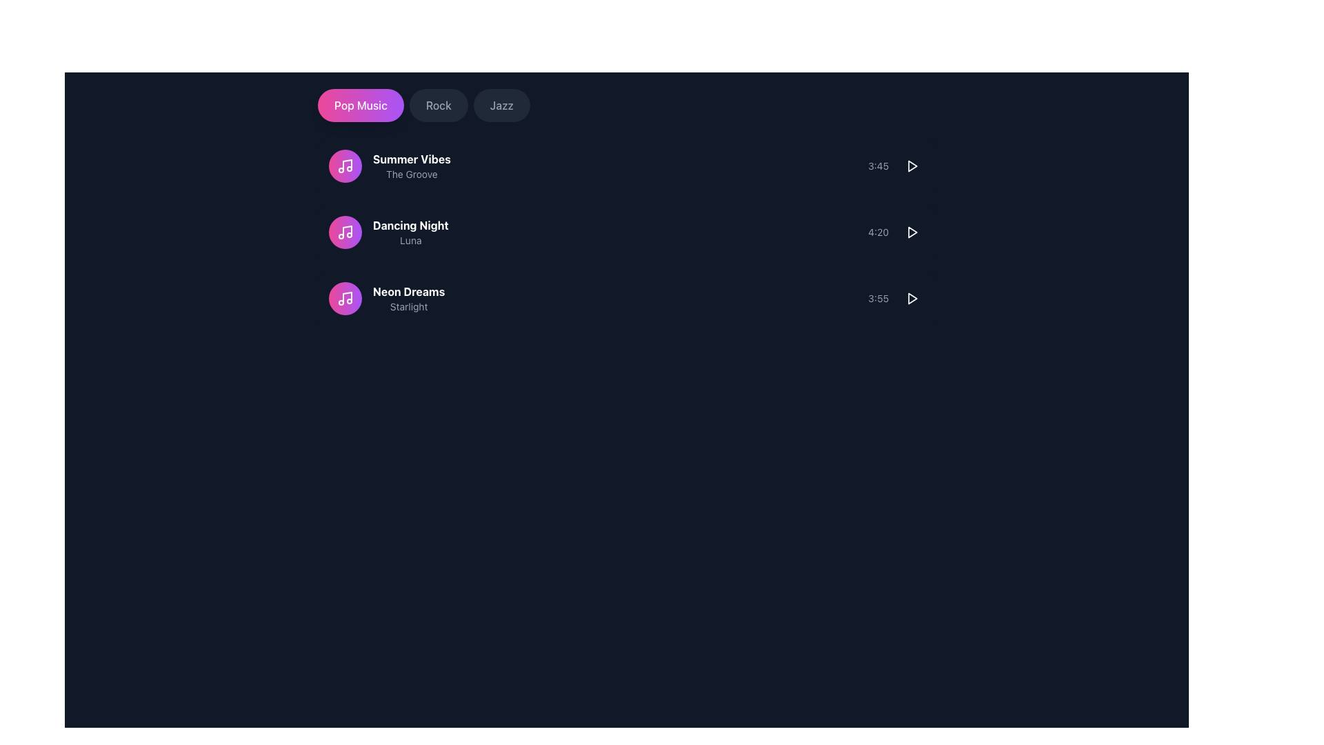  What do you see at coordinates (411, 159) in the screenshot?
I see `the text label displaying 'Summer Vibes' to associate it with the track for recognition` at bounding box center [411, 159].